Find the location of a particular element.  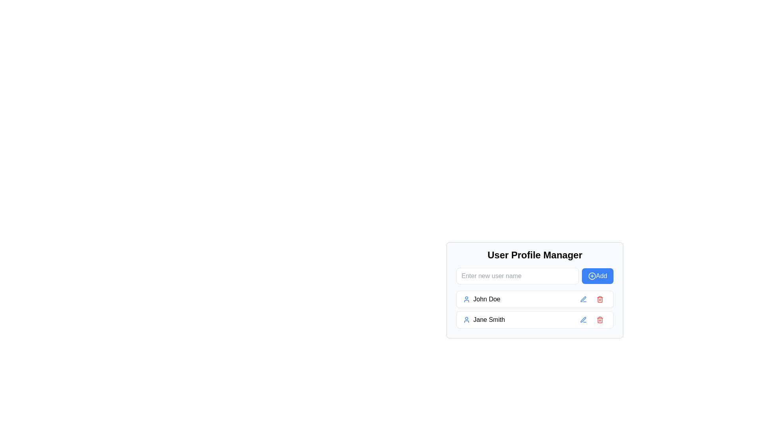

the edit button associated with the user 'Jane Smith', located in the second row of the user list is located at coordinates (584, 319).